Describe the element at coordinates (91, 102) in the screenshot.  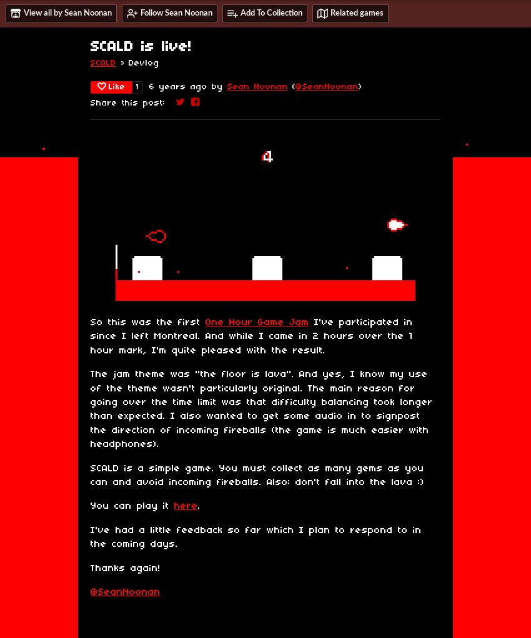
I see `'Share this post:'` at that location.